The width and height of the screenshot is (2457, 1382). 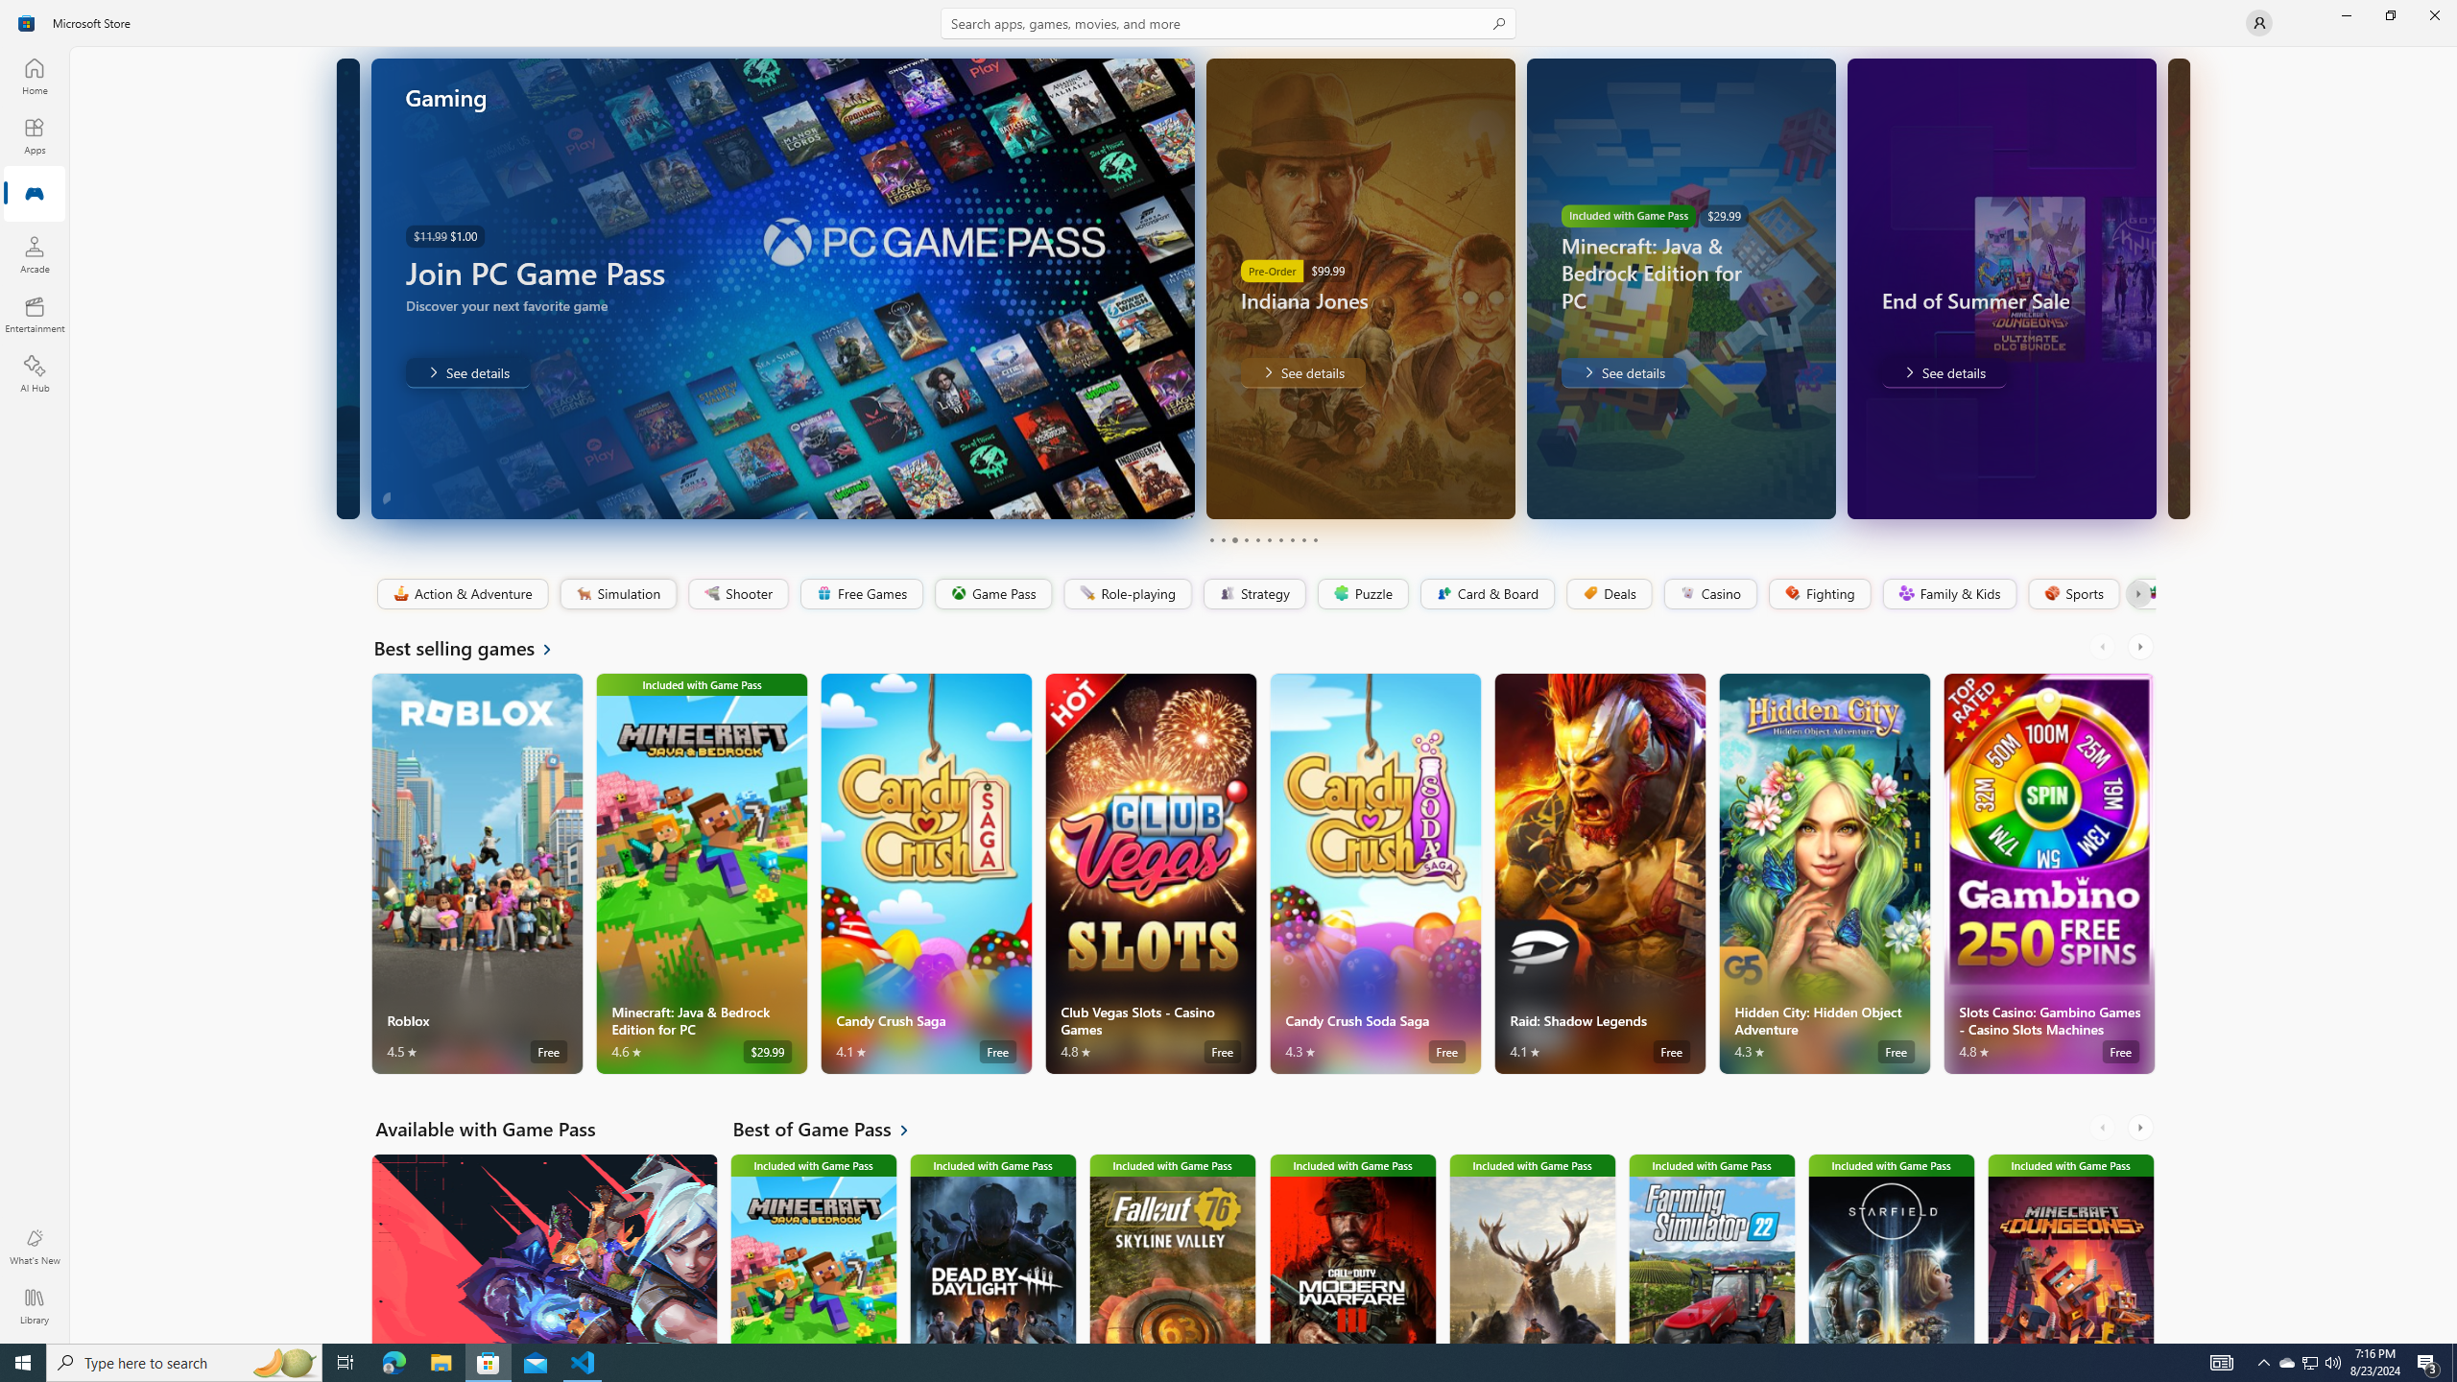 I want to click on 'Card & Board', so click(x=1486, y=593).